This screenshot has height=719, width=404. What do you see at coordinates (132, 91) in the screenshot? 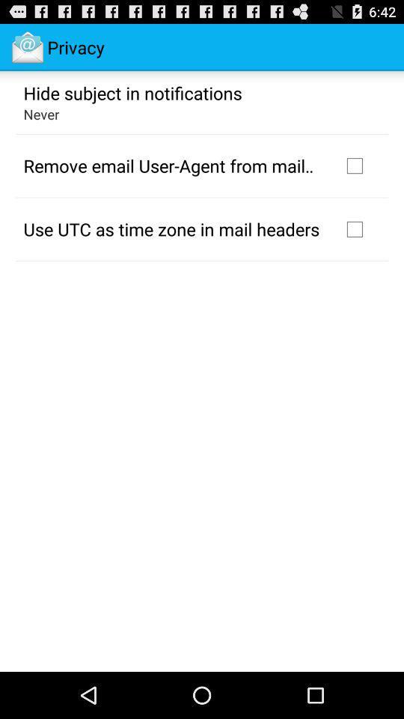
I see `the hide subject in icon` at bounding box center [132, 91].